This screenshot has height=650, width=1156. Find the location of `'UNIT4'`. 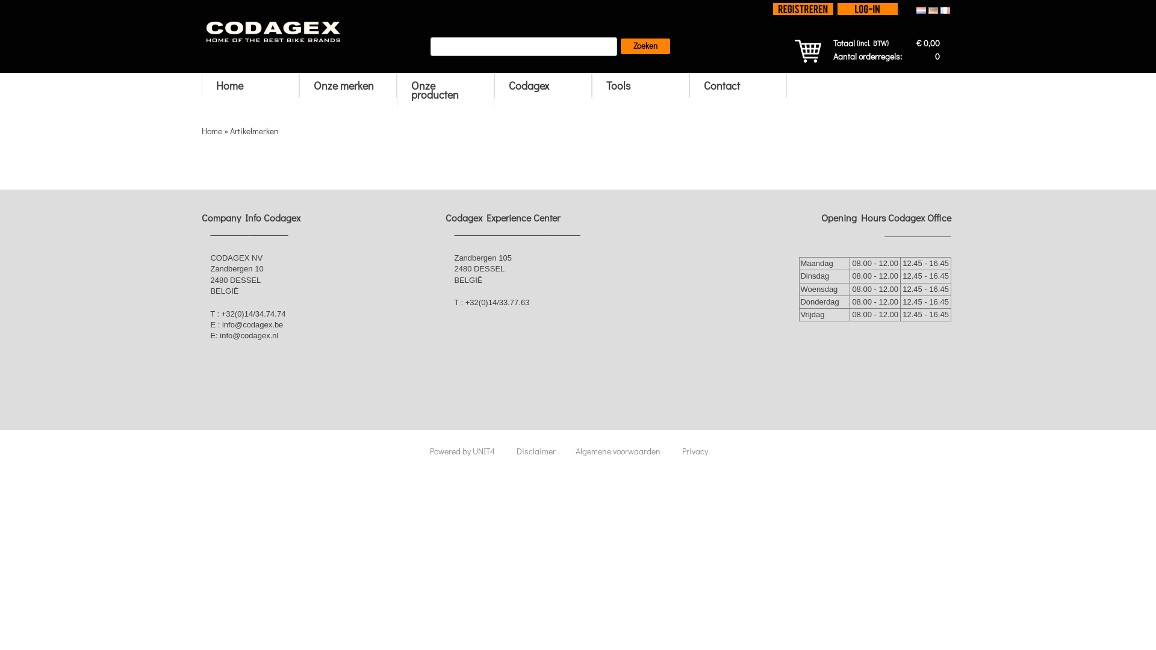

'UNIT4' is located at coordinates (493, 451).